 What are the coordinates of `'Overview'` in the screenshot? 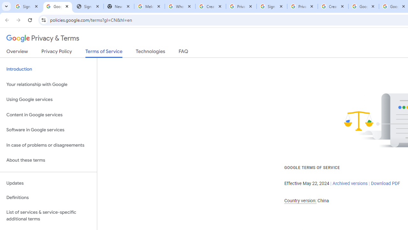 It's located at (17, 52).